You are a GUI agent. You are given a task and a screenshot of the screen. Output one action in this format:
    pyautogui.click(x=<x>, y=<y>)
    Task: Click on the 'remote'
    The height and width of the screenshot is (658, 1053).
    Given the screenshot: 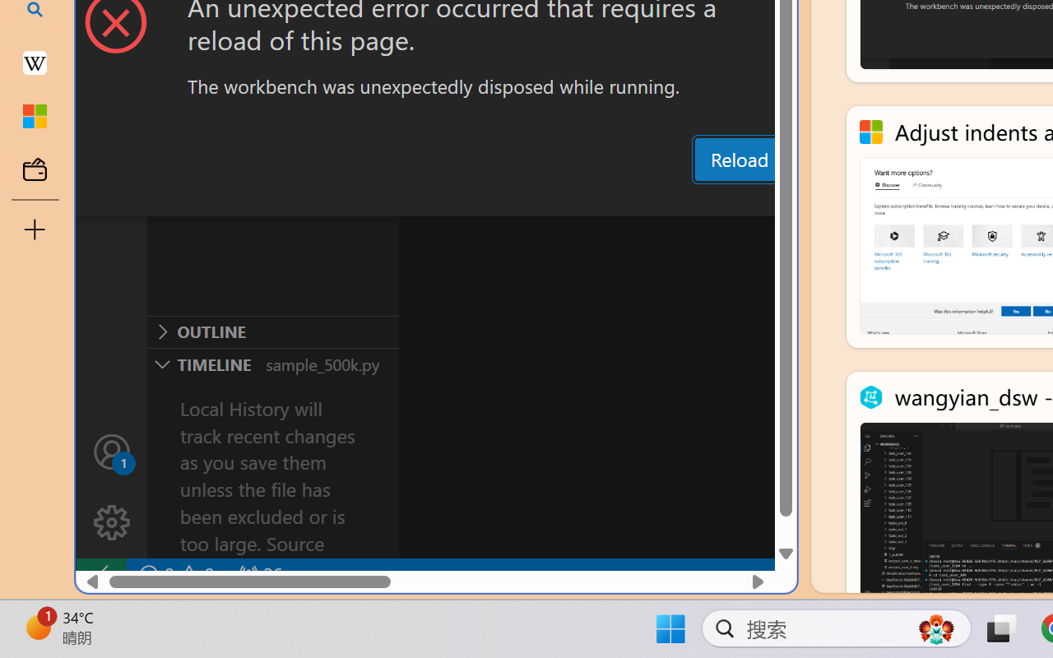 What is the action you would take?
    pyautogui.click(x=100, y=574)
    